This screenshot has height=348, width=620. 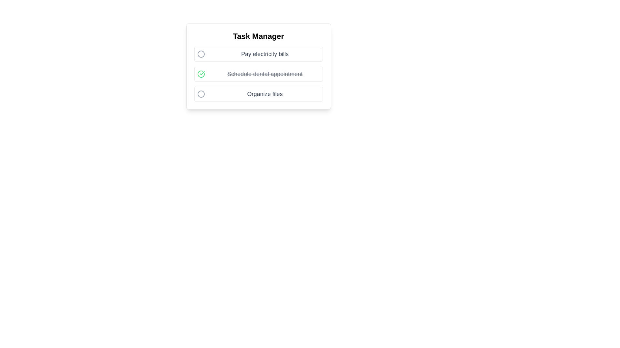 I want to click on the completed task item titled 'Schedule dental appointment' which is styled with a strike-through effect and has a green checkmark icon, so click(x=258, y=74).